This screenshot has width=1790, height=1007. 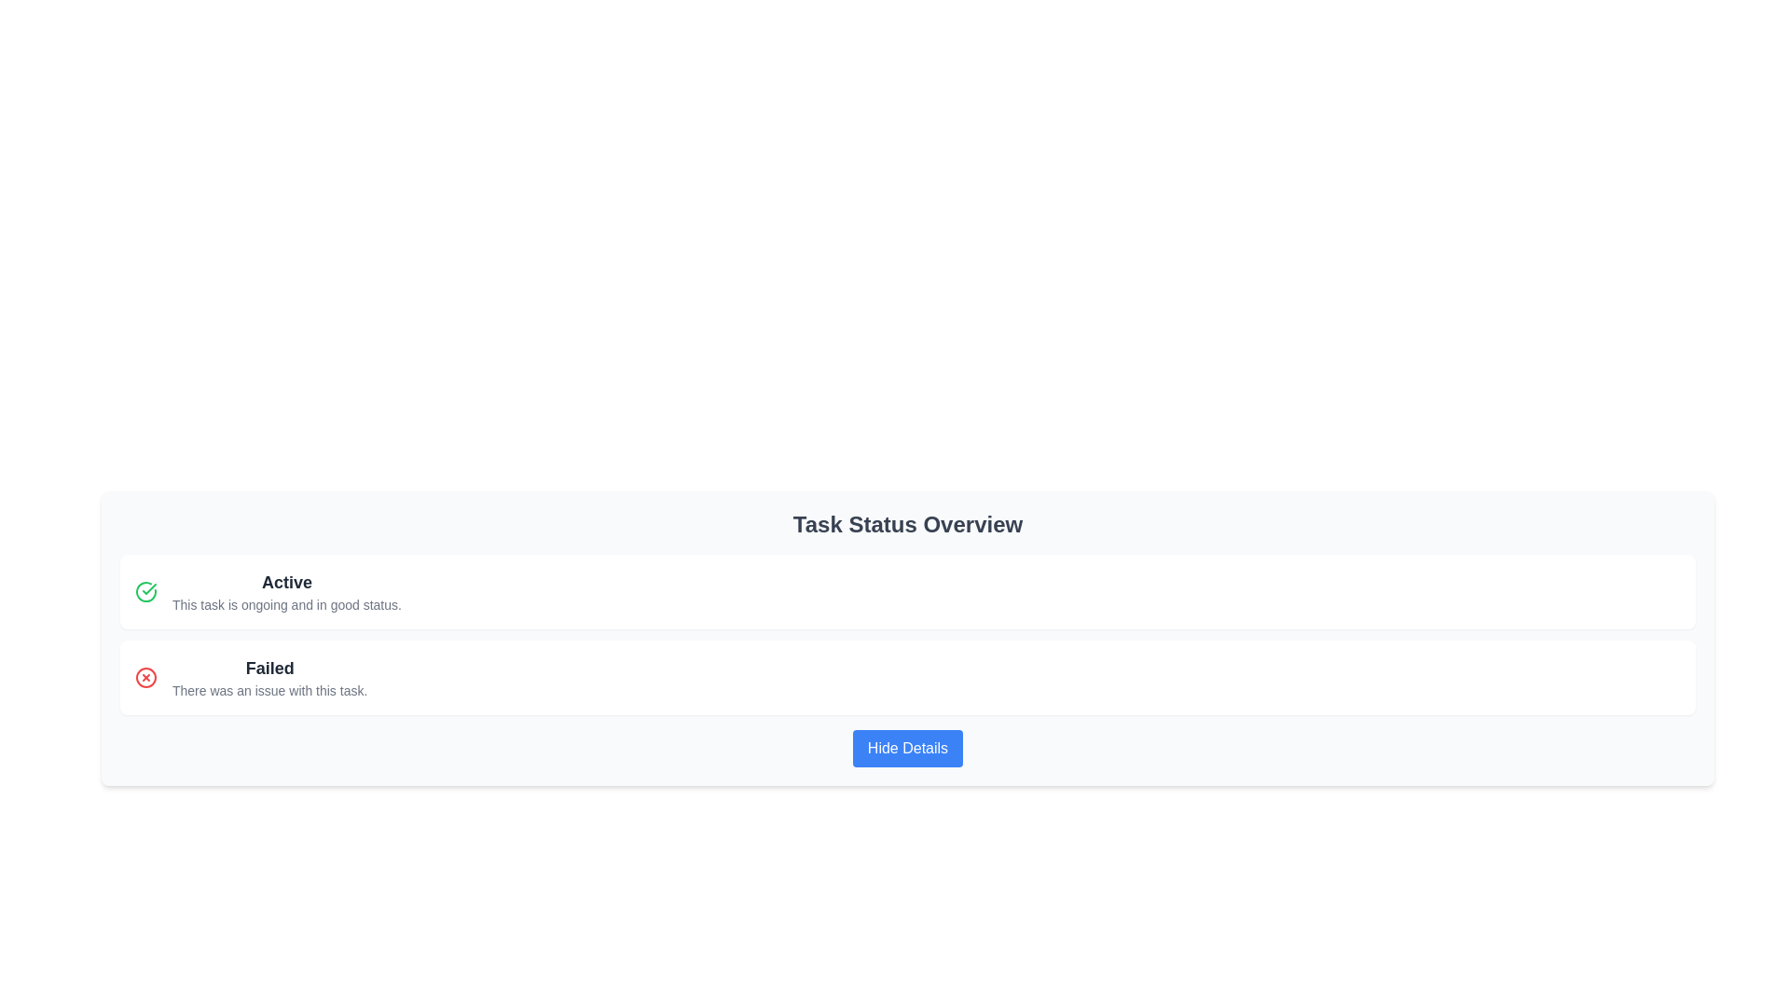 I want to click on status title label indicating 'Failed', which is located in the lower status box as the first line above its sibling text, so click(x=268, y=668).